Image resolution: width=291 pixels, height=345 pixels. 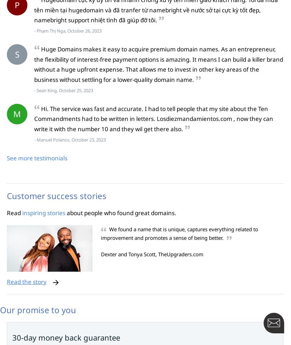 What do you see at coordinates (37, 158) in the screenshot?
I see `'See more testimonials'` at bounding box center [37, 158].